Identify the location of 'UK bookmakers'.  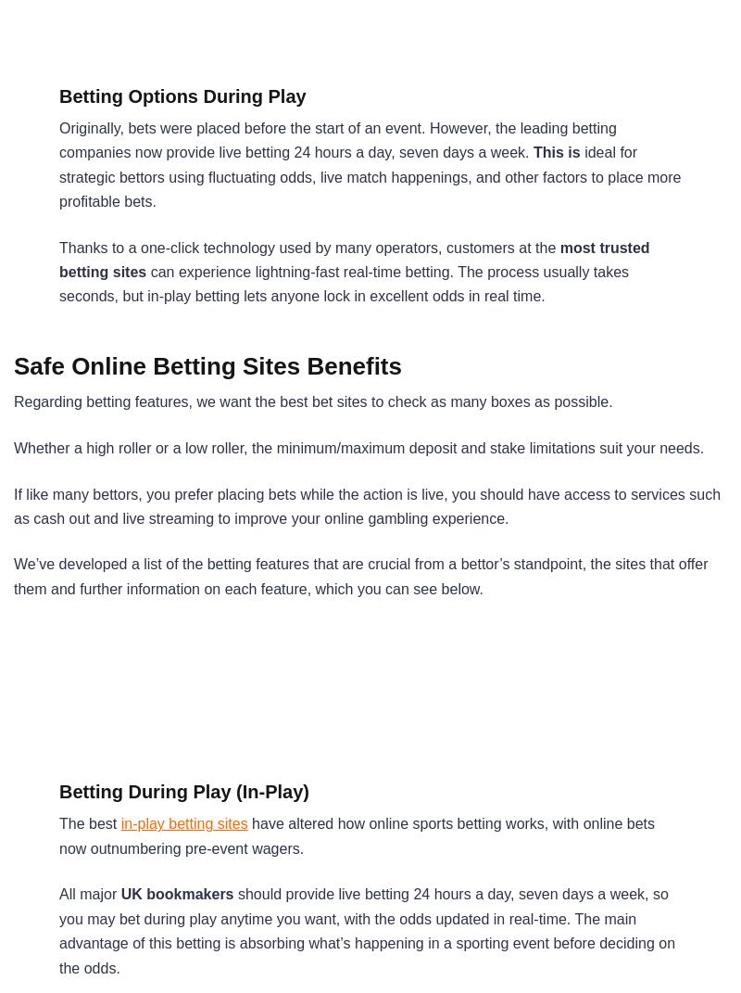
(176, 893).